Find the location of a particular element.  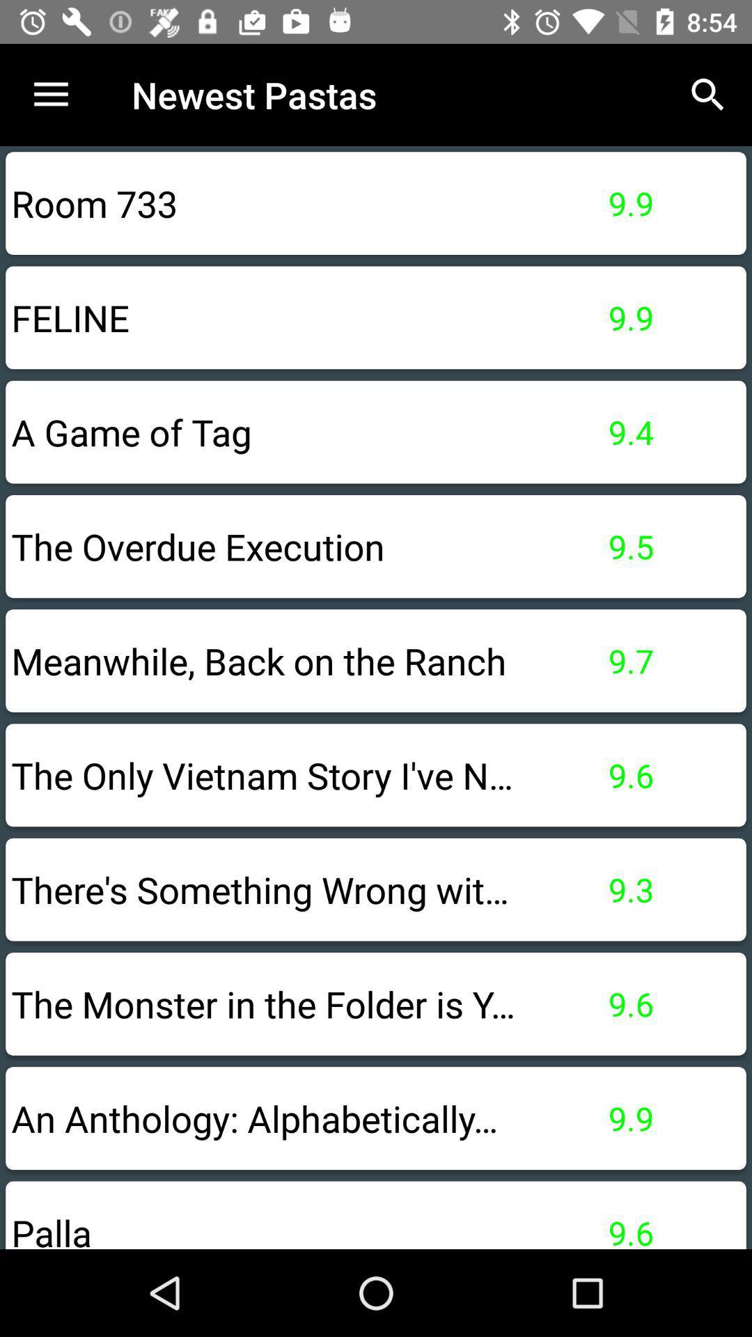

the icon above 9.9 is located at coordinates (708, 94).